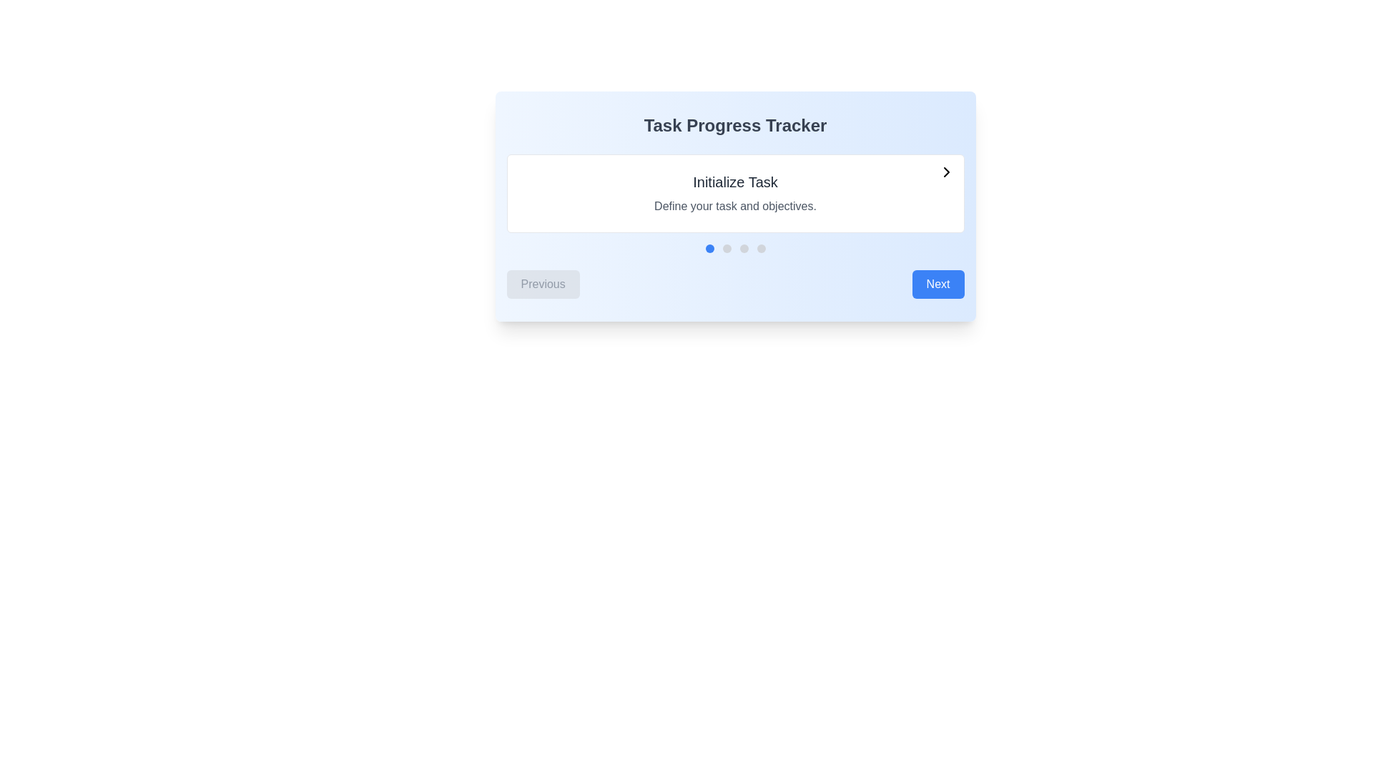  Describe the element at coordinates (760, 247) in the screenshot. I see `the state of the fourth progress indicator dot, which represents the current or clickable step in the progress tracker sequence` at that location.